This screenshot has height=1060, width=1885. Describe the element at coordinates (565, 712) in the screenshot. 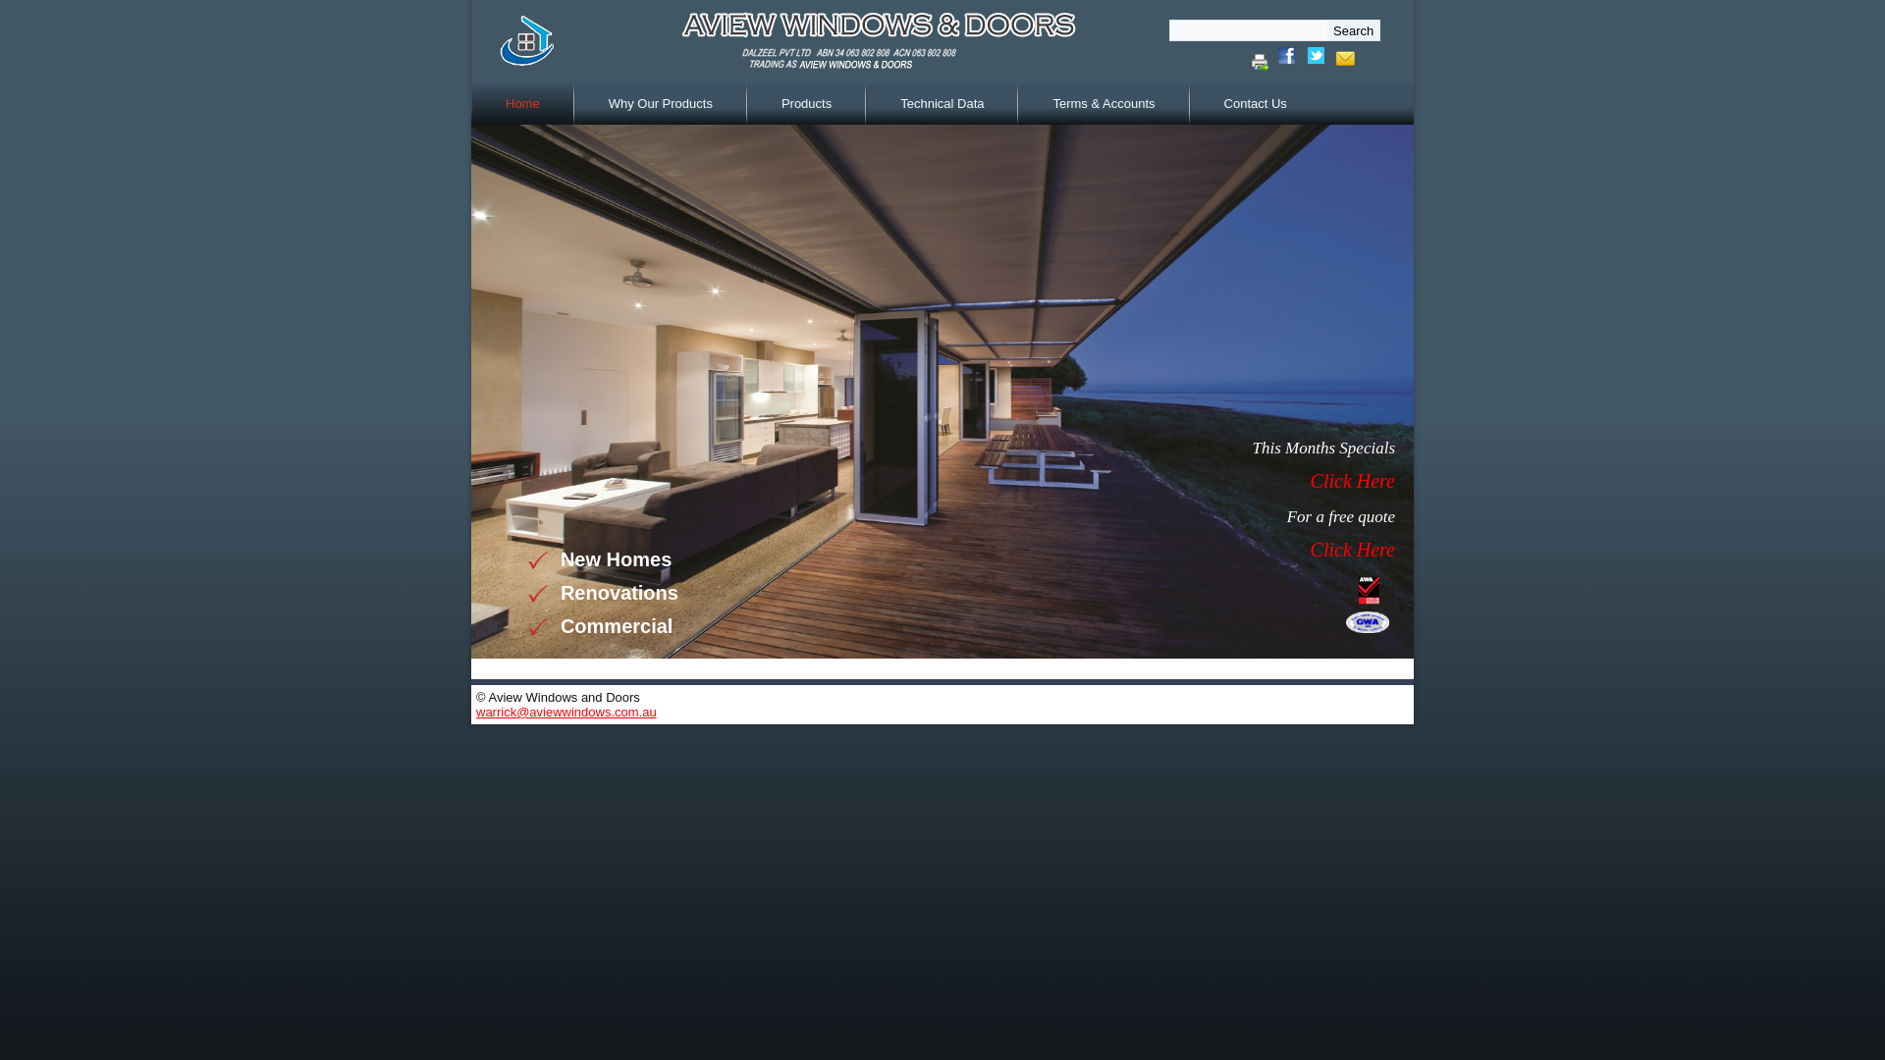

I see `'warrick@aviewwindows.com.au'` at that location.